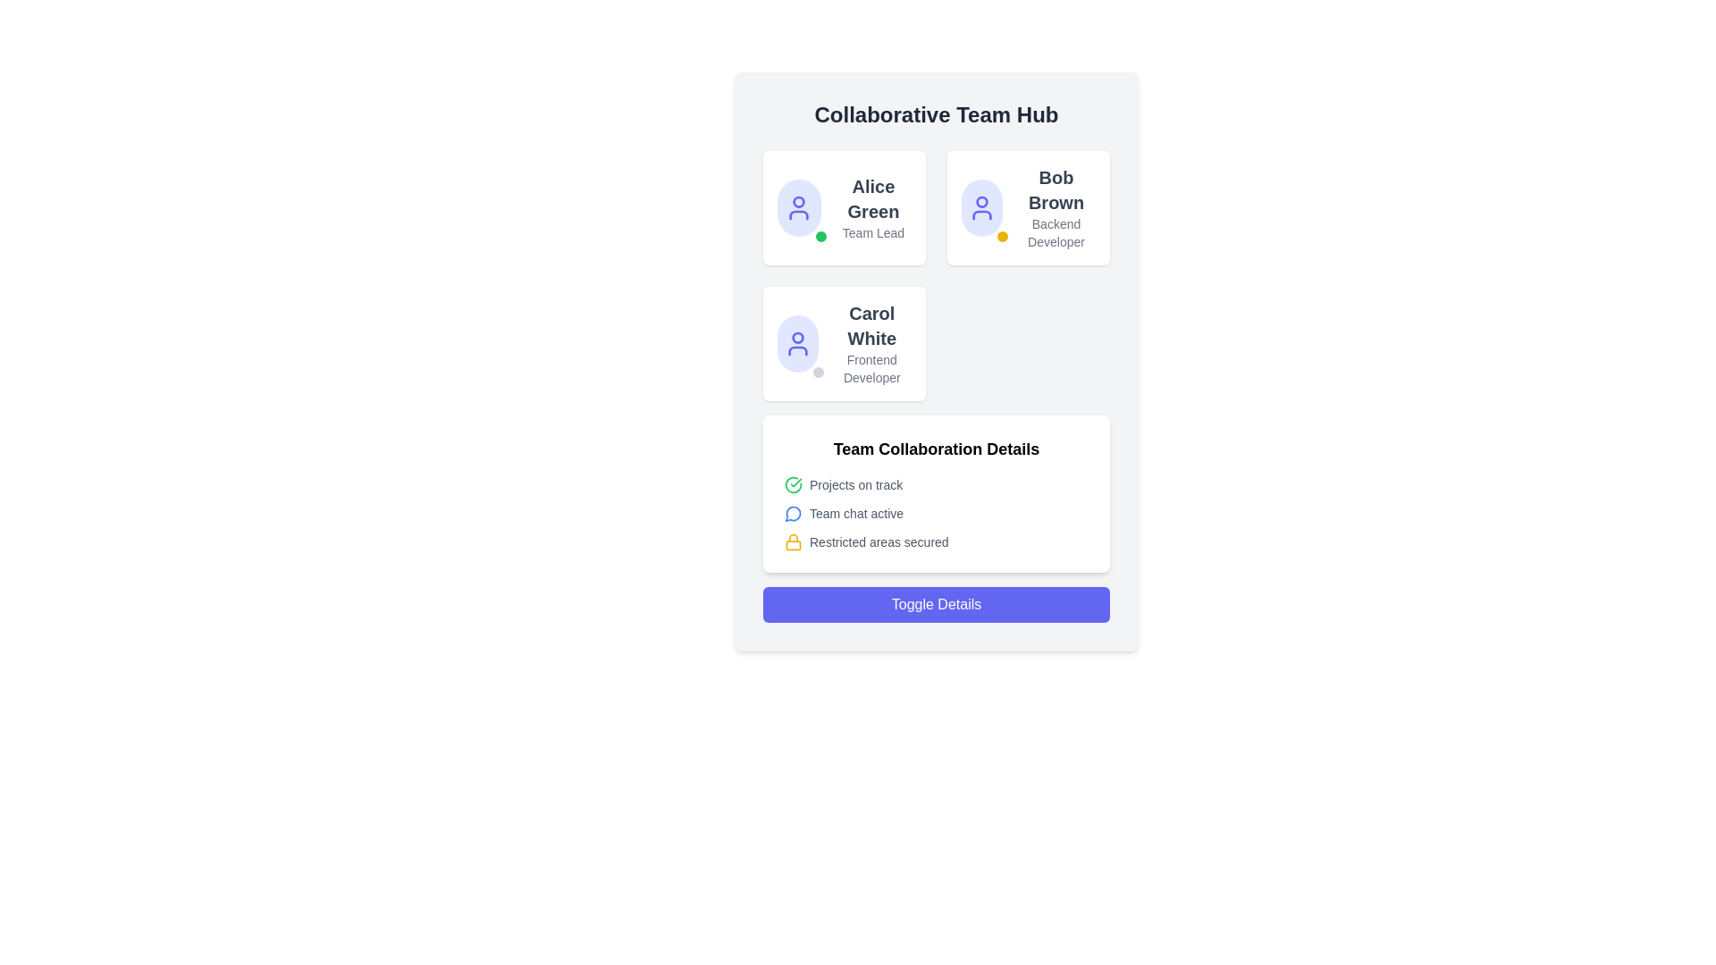  I want to click on the profile icon representing 'Carol White' located in the lower-left card of the grid layout titled 'Carol White Frontend Developer.', so click(796, 344).